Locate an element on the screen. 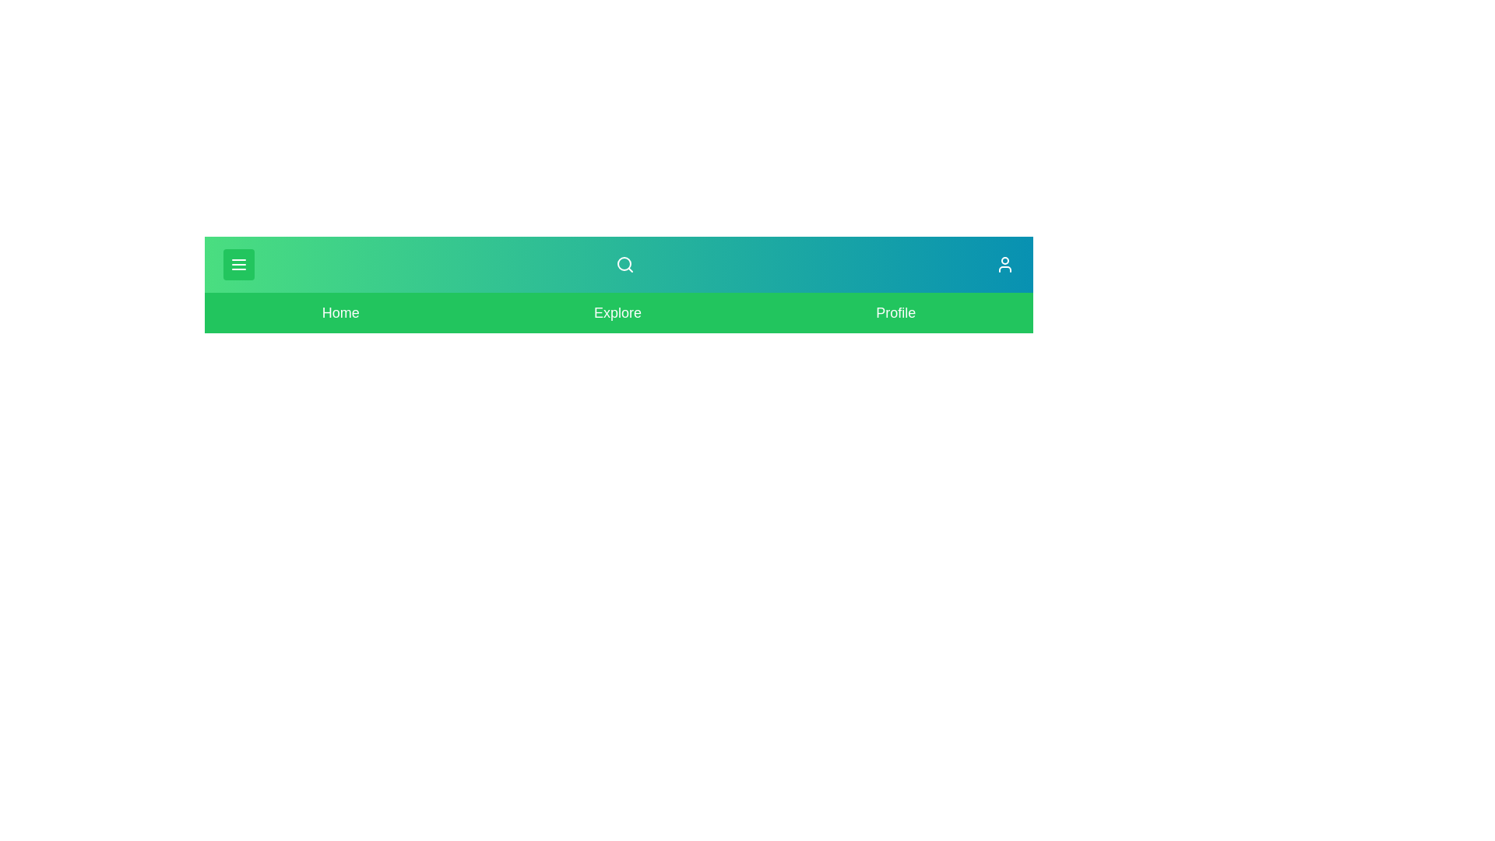 The width and height of the screenshot is (1495, 841). the search icon in the app bar is located at coordinates (624, 263).